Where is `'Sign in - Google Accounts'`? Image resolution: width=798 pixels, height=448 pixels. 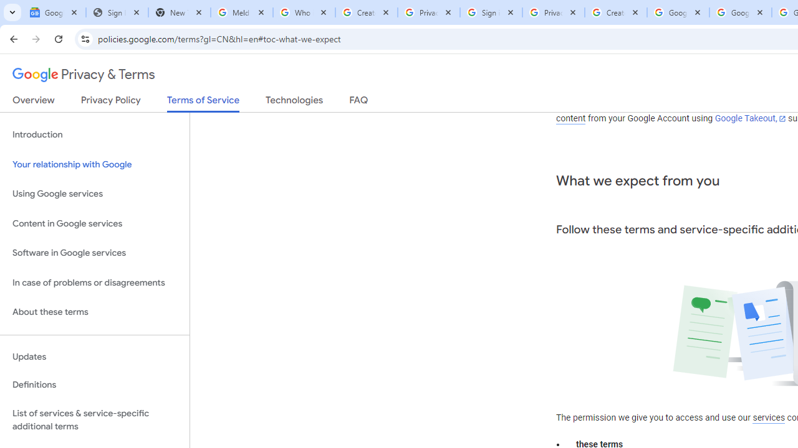 'Sign in - Google Accounts' is located at coordinates (491, 12).